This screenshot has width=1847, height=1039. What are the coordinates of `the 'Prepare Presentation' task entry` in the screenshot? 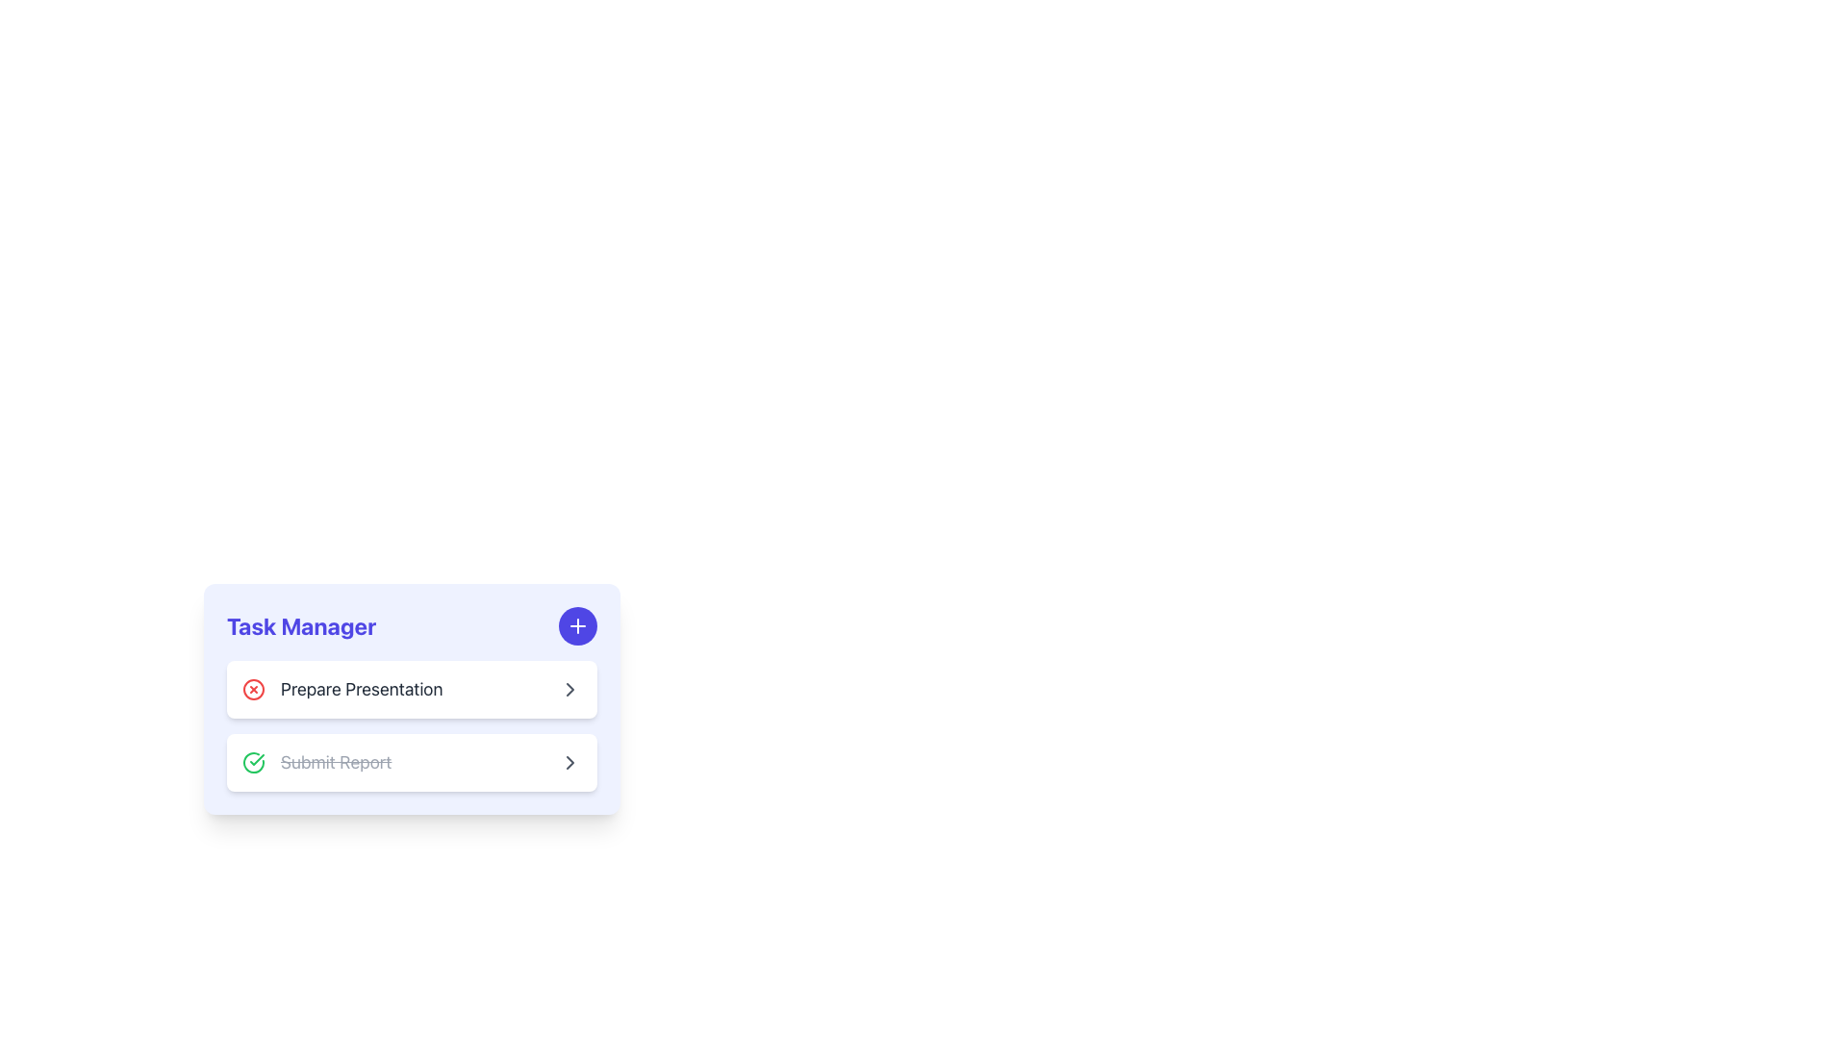 It's located at (411, 689).